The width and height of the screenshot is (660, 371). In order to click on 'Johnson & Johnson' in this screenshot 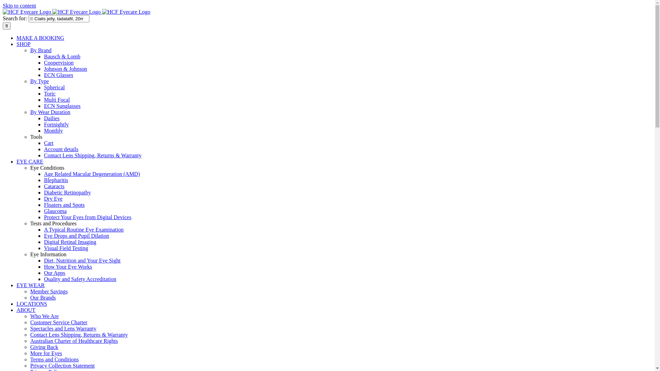, I will do `click(65, 69)`.